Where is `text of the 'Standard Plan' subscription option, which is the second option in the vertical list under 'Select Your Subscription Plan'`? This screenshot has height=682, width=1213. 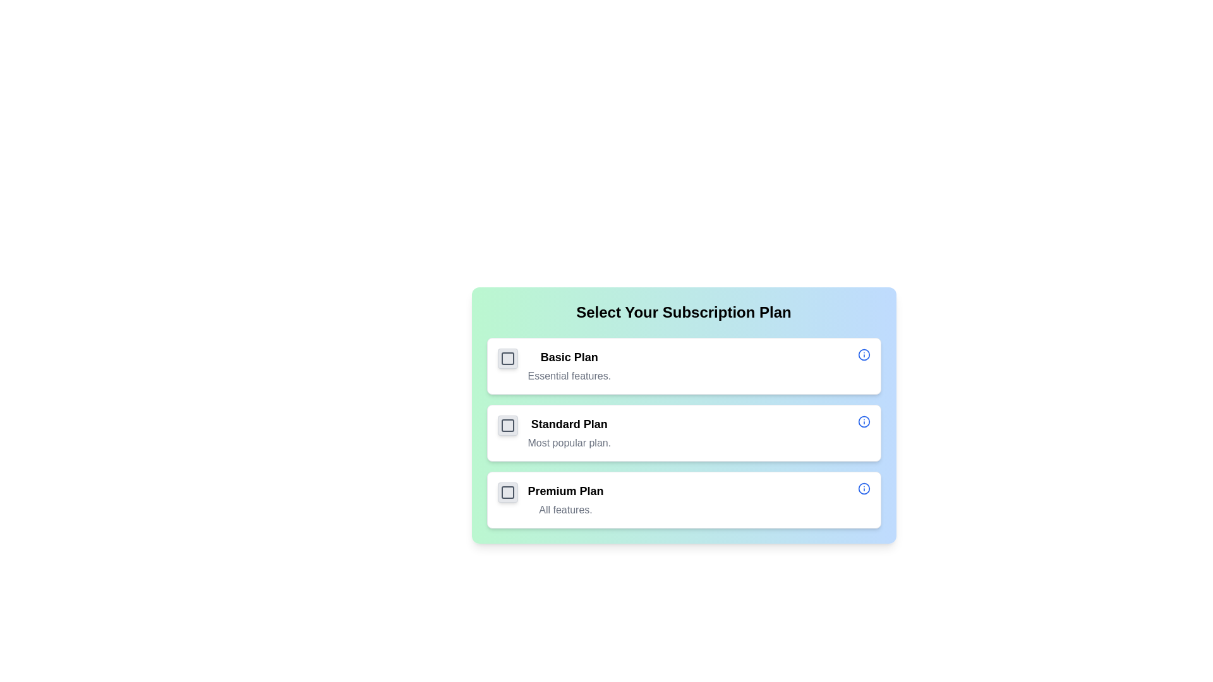
text of the 'Standard Plan' subscription option, which is the second option in the vertical list under 'Select Your Subscription Plan' is located at coordinates (569, 433).